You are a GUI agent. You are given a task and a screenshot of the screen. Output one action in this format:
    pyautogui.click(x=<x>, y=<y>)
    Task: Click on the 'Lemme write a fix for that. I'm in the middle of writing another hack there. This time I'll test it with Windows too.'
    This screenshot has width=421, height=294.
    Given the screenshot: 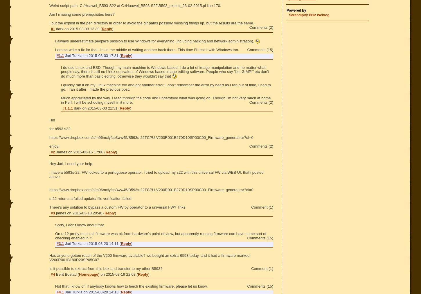 What is the action you would take?
    pyautogui.click(x=147, y=49)
    